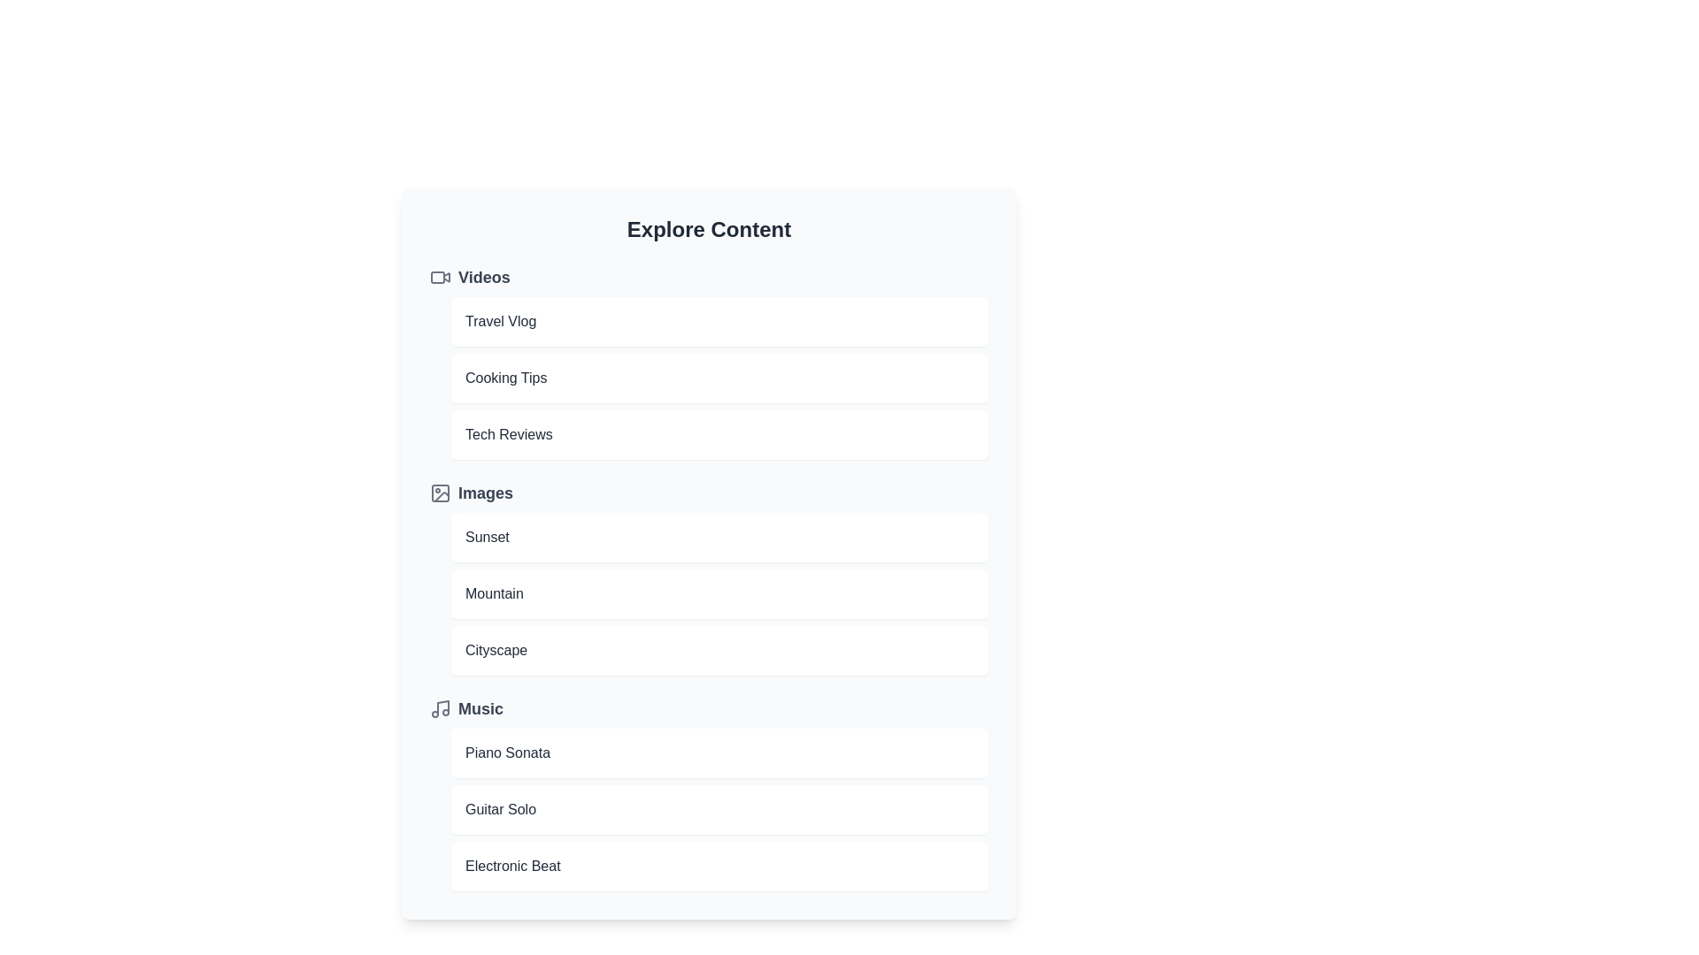 The width and height of the screenshot is (1699, 955). What do you see at coordinates (719, 865) in the screenshot?
I see `the item Electronic Beat to preview it` at bounding box center [719, 865].